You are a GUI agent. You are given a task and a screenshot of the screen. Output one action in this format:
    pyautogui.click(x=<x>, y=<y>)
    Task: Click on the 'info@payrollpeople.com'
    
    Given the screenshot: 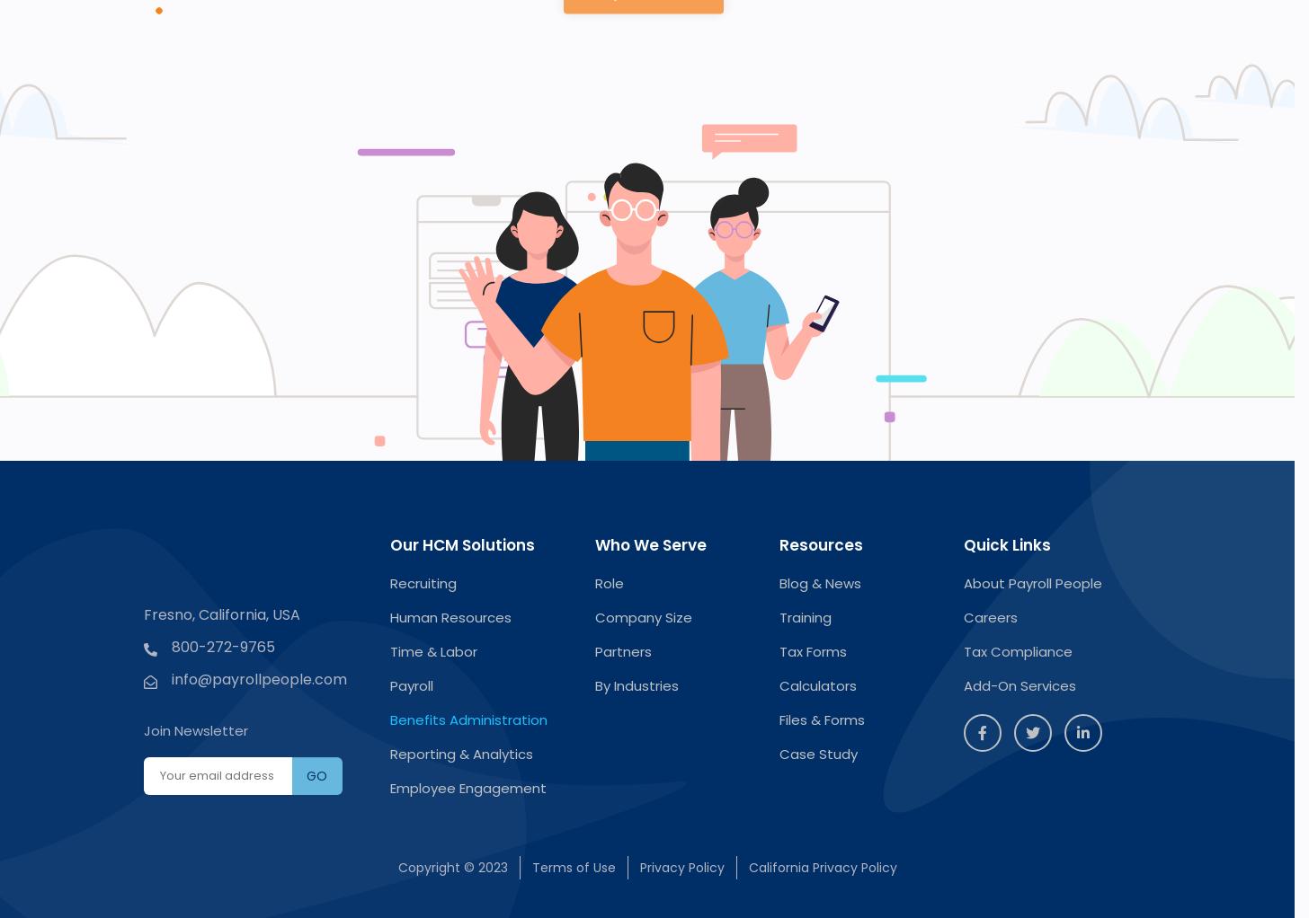 What is the action you would take?
    pyautogui.click(x=171, y=677)
    